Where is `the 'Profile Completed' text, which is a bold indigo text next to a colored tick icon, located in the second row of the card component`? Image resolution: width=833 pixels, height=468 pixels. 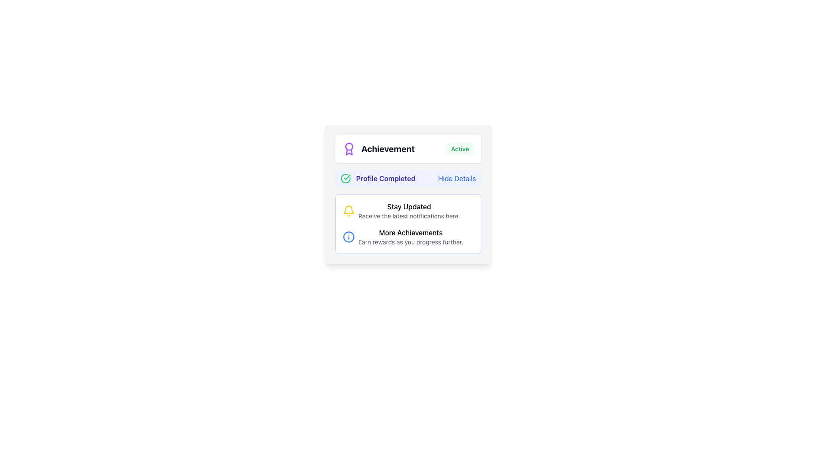
the 'Profile Completed' text, which is a bold indigo text next to a colored tick icon, located in the second row of the card component is located at coordinates (407, 178).